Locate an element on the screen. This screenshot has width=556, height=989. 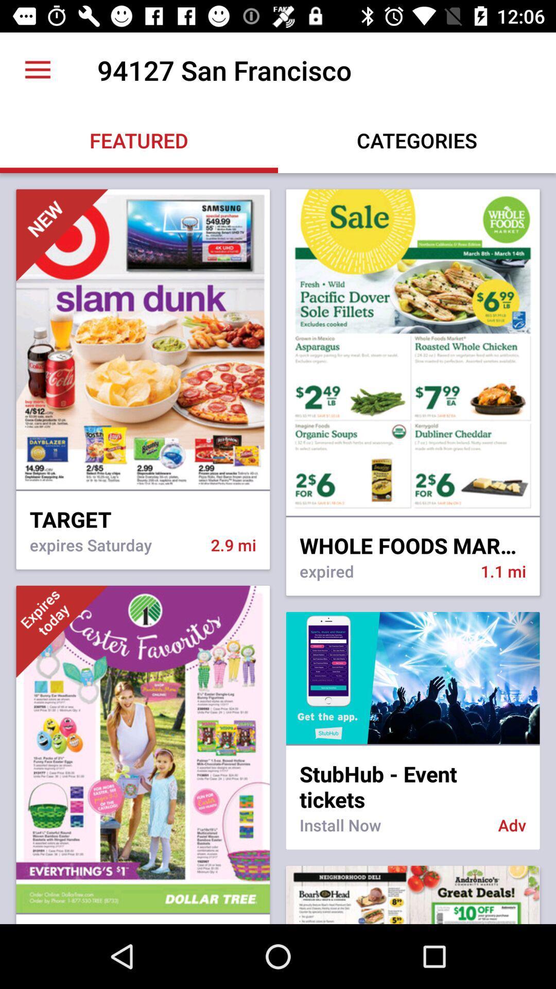
the second thumbnail is located at coordinates (412, 353).